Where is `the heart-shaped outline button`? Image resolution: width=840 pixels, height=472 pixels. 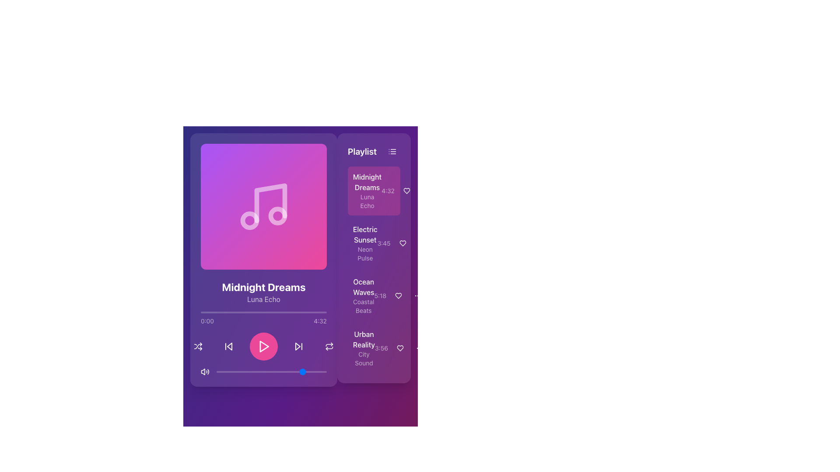 the heart-shaped outline button is located at coordinates (402, 243).